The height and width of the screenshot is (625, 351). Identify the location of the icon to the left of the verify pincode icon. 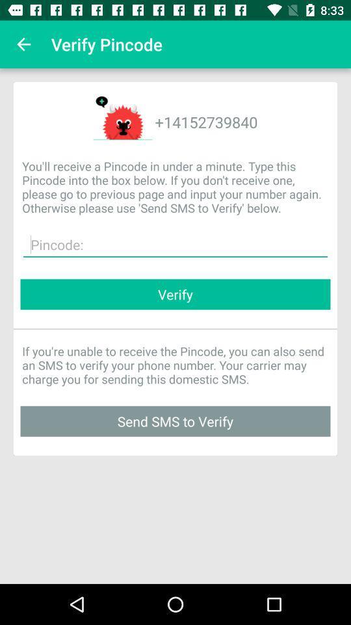
(23, 44).